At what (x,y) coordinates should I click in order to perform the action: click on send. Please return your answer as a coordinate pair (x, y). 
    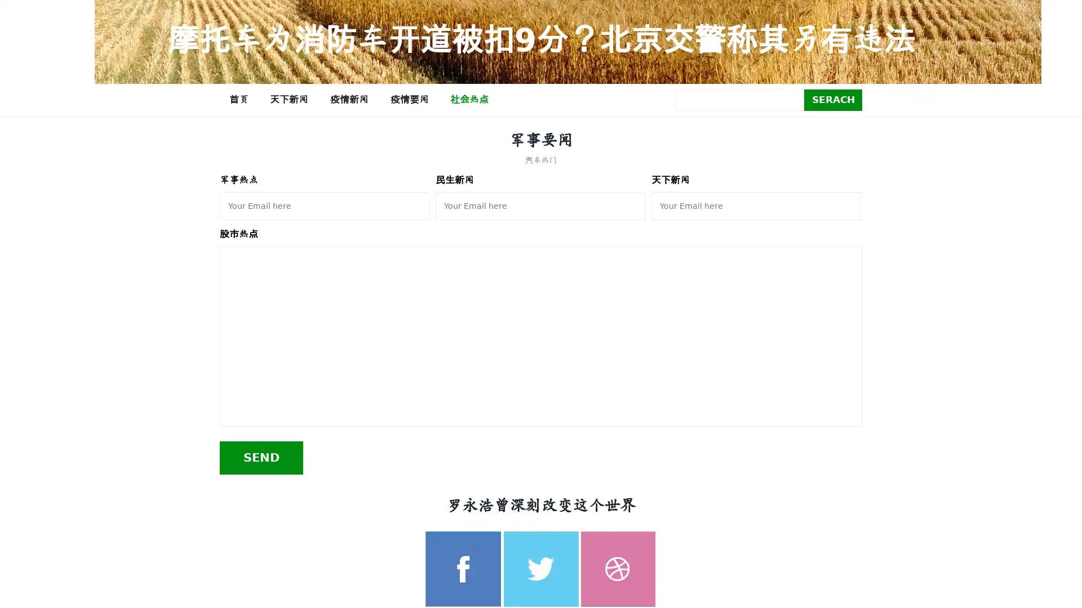
    Looking at the image, I should click on (261, 457).